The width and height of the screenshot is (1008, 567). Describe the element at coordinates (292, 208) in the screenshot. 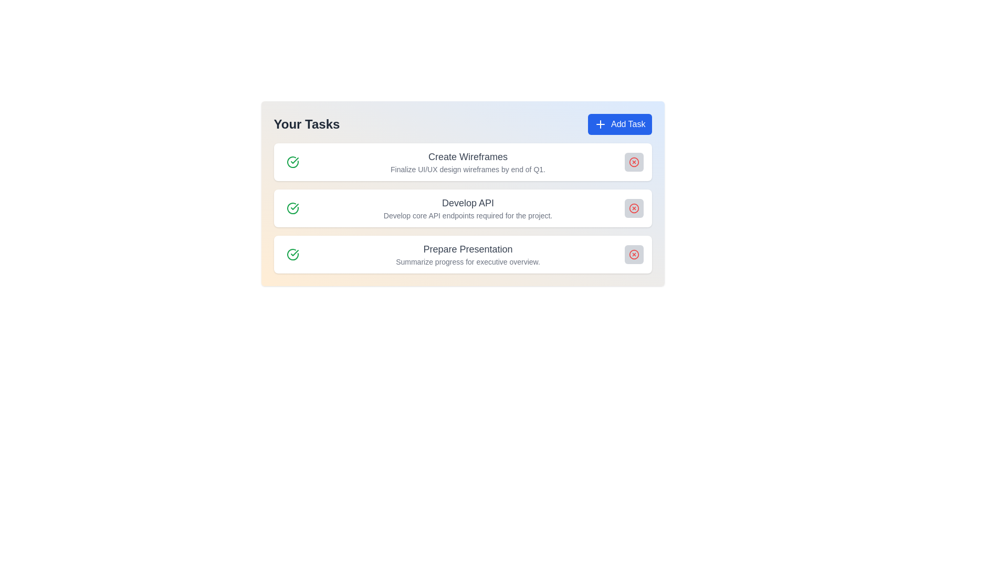

I see `the completion icon located at the top-left corner of the 'Develop API' task card, which indicates that the associated task has been completed` at that location.